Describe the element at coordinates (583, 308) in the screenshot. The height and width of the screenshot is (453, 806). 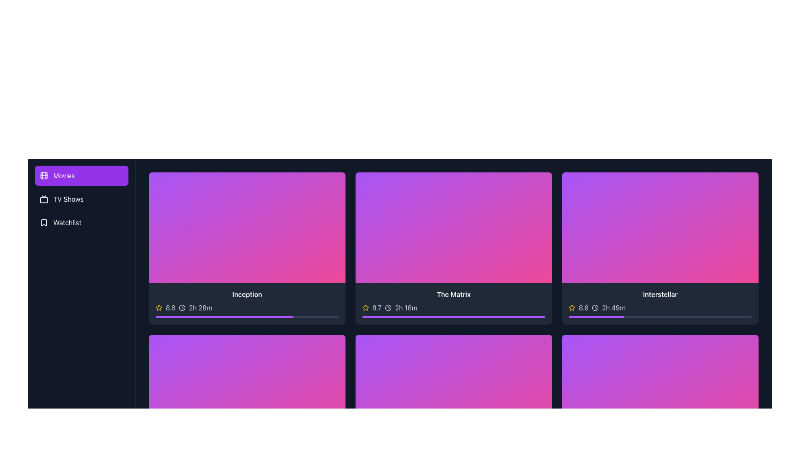
I see `the numerical rating text displaying '8.6' for the movie 'Interstellar', located between the star icon and the clock icon` at that location.